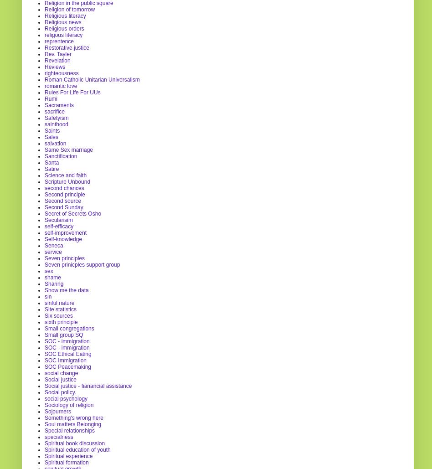  What do you see at coordinates (68, 405) in the screenshot?
I see `'Sociology of religion'` at bounding box center [68, 405].